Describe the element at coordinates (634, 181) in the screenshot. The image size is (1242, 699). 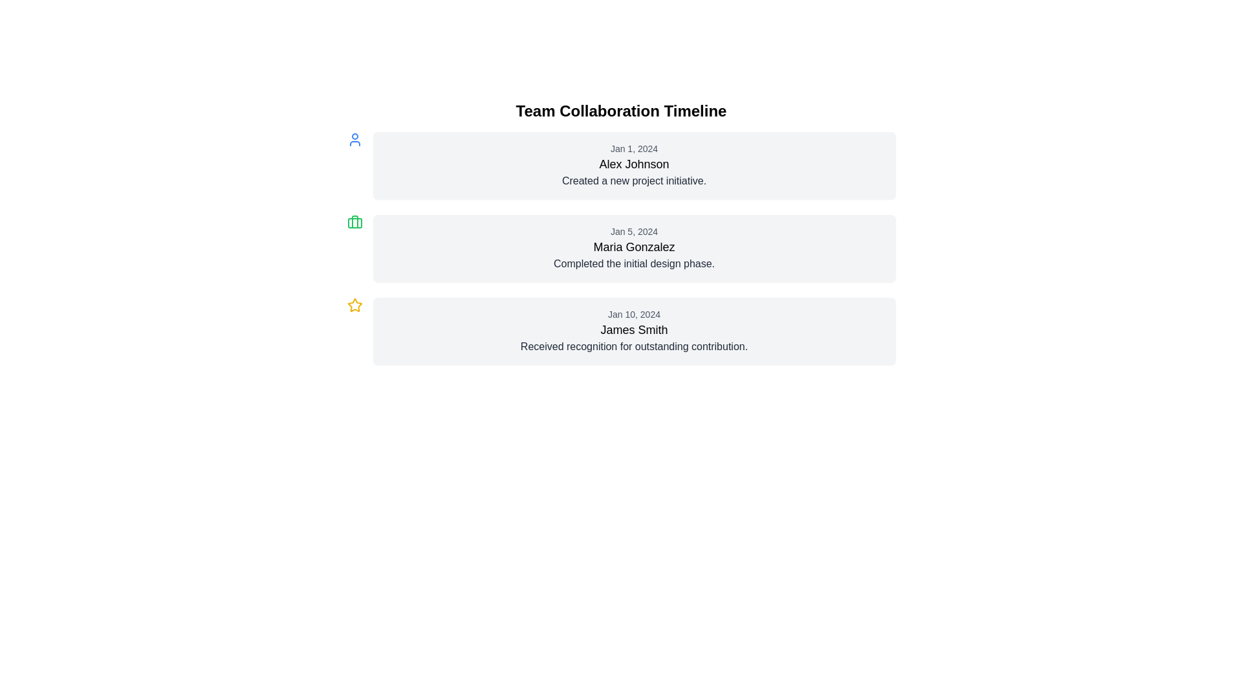
I see `the Text Label element that reads 'Created a new project initiative.' located at the bottom of a card, directly below the name 'Alex Johnson'` at that location.